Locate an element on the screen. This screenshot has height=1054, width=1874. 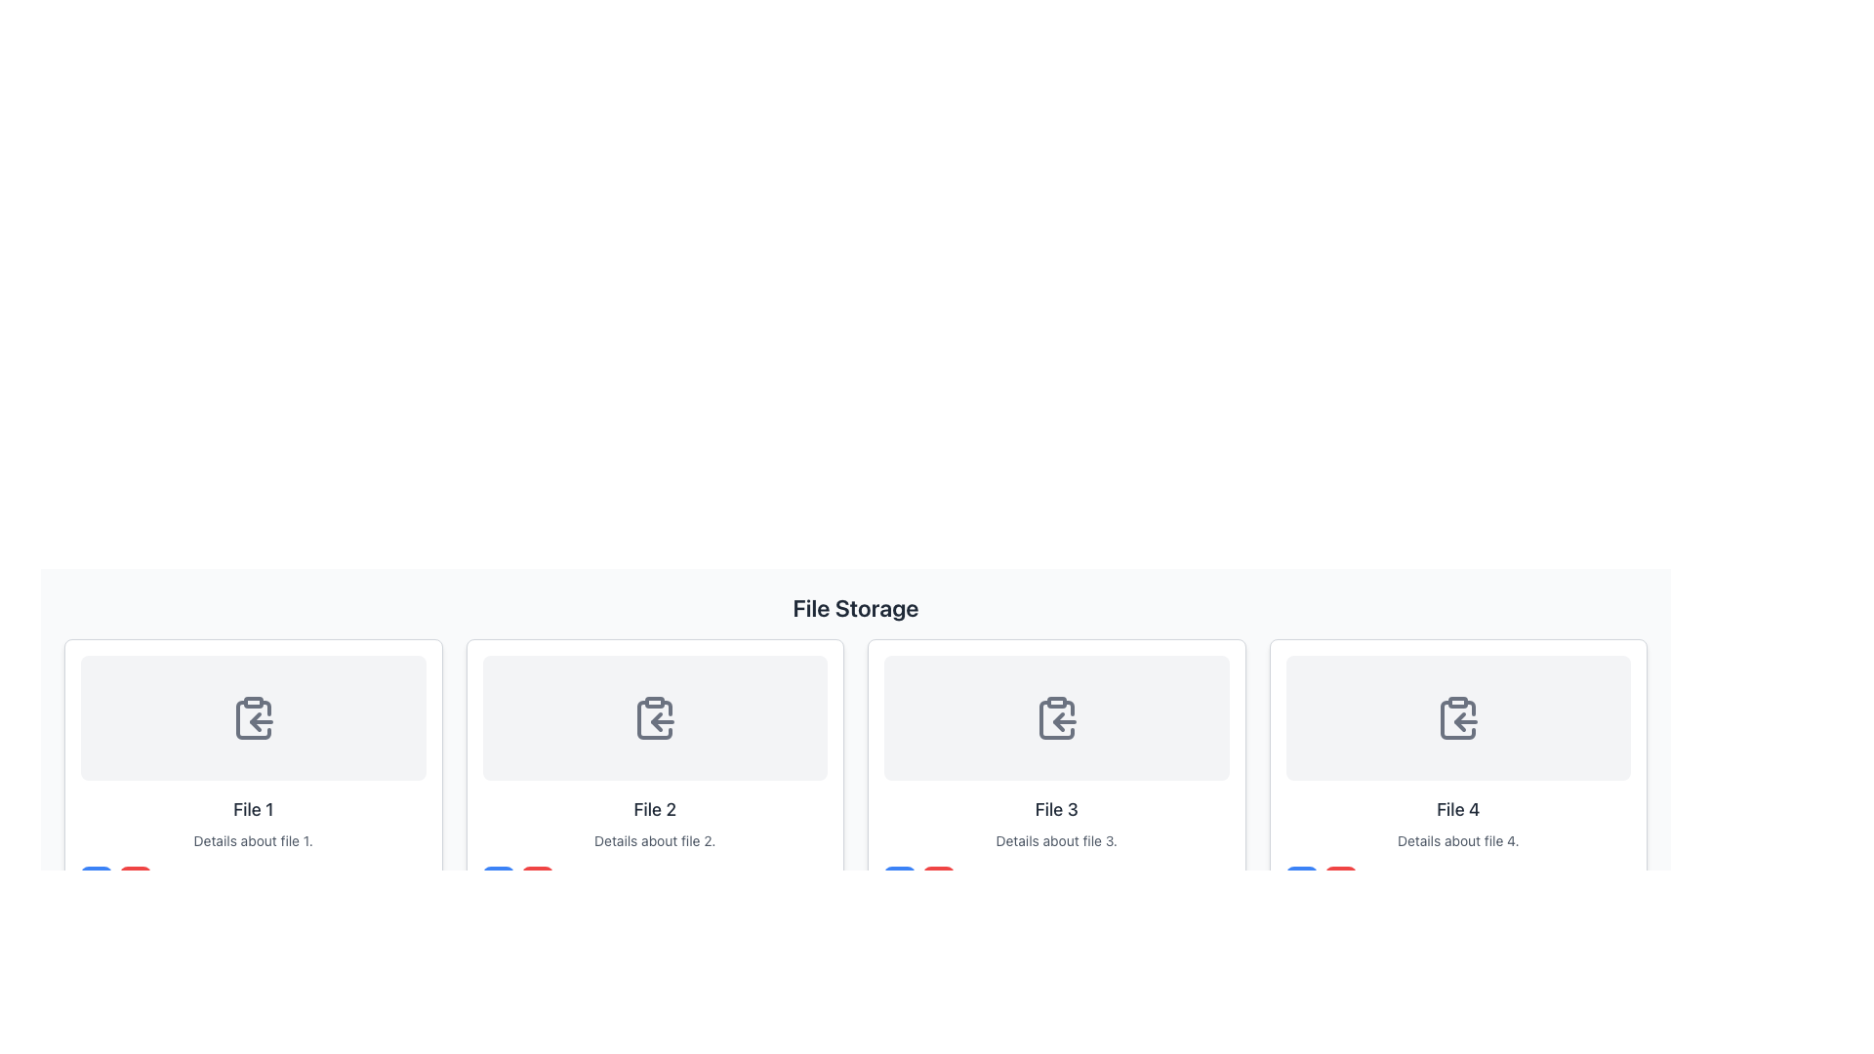
the deletion button located below the card labeled 'File 4', which is the second button in a horizontal row, positioned to the right of a blue button is located at coordinates (1339, 881).